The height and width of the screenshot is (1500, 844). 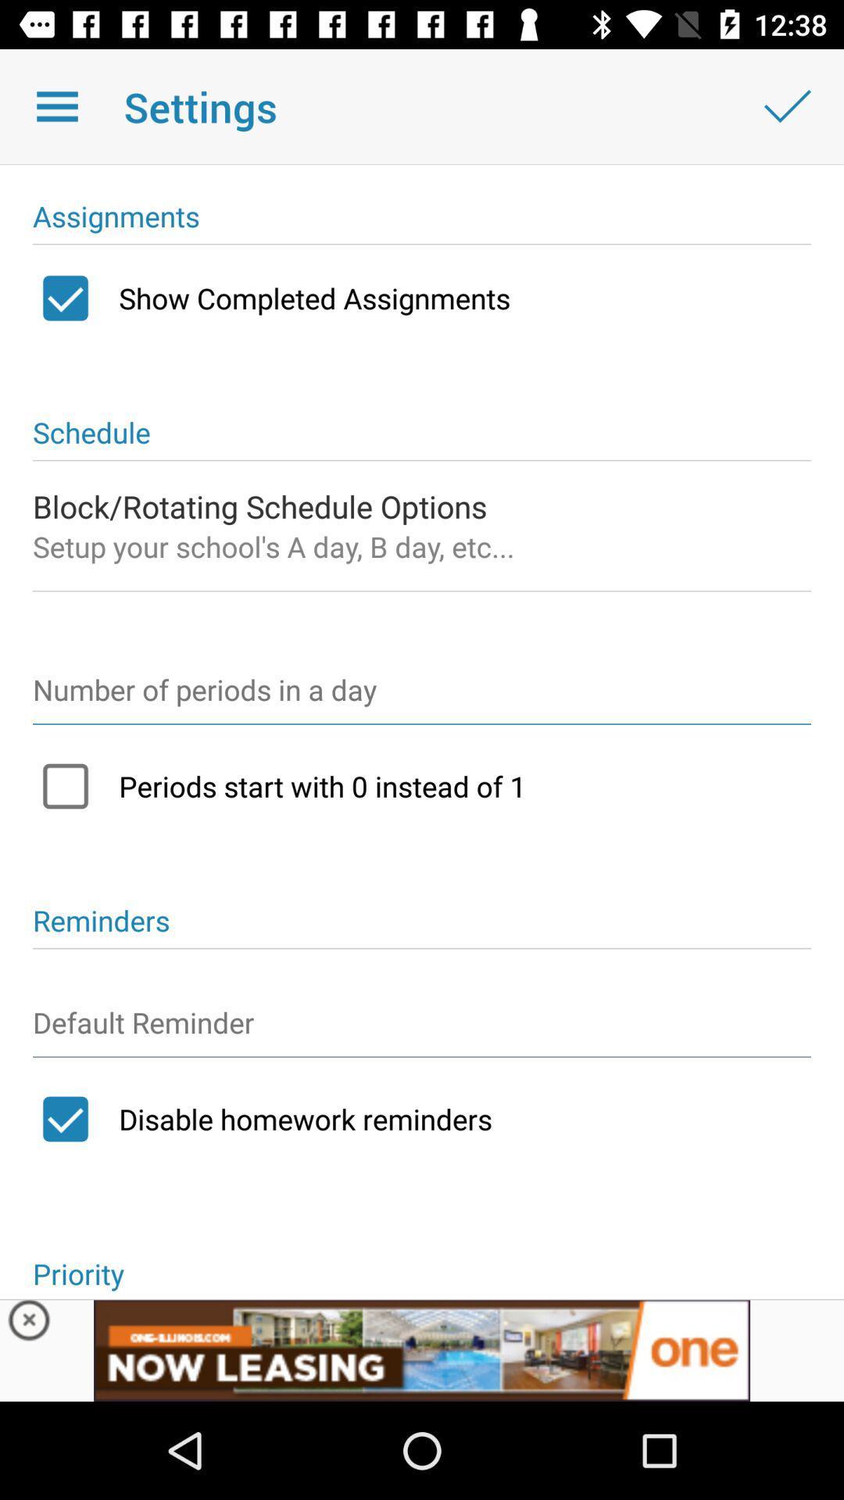 I want to click on default reminder button, so click(x=422, y=1030).